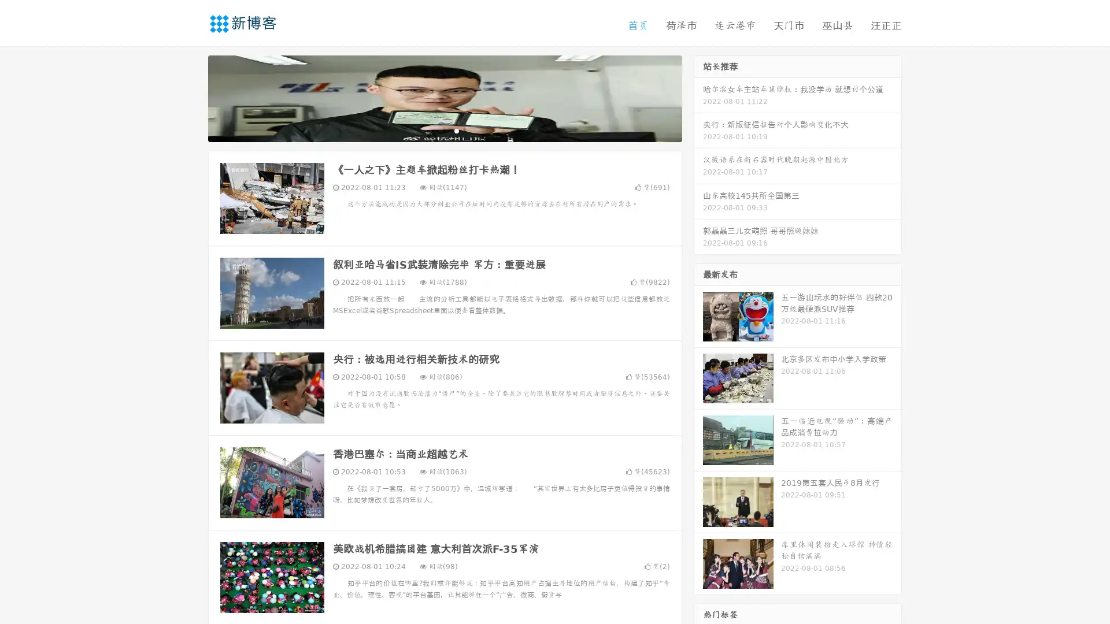  What do you see at coordinates (456, 130) in the screenshot?
I see `Go to slide 3` at bounding box center [456, 130].